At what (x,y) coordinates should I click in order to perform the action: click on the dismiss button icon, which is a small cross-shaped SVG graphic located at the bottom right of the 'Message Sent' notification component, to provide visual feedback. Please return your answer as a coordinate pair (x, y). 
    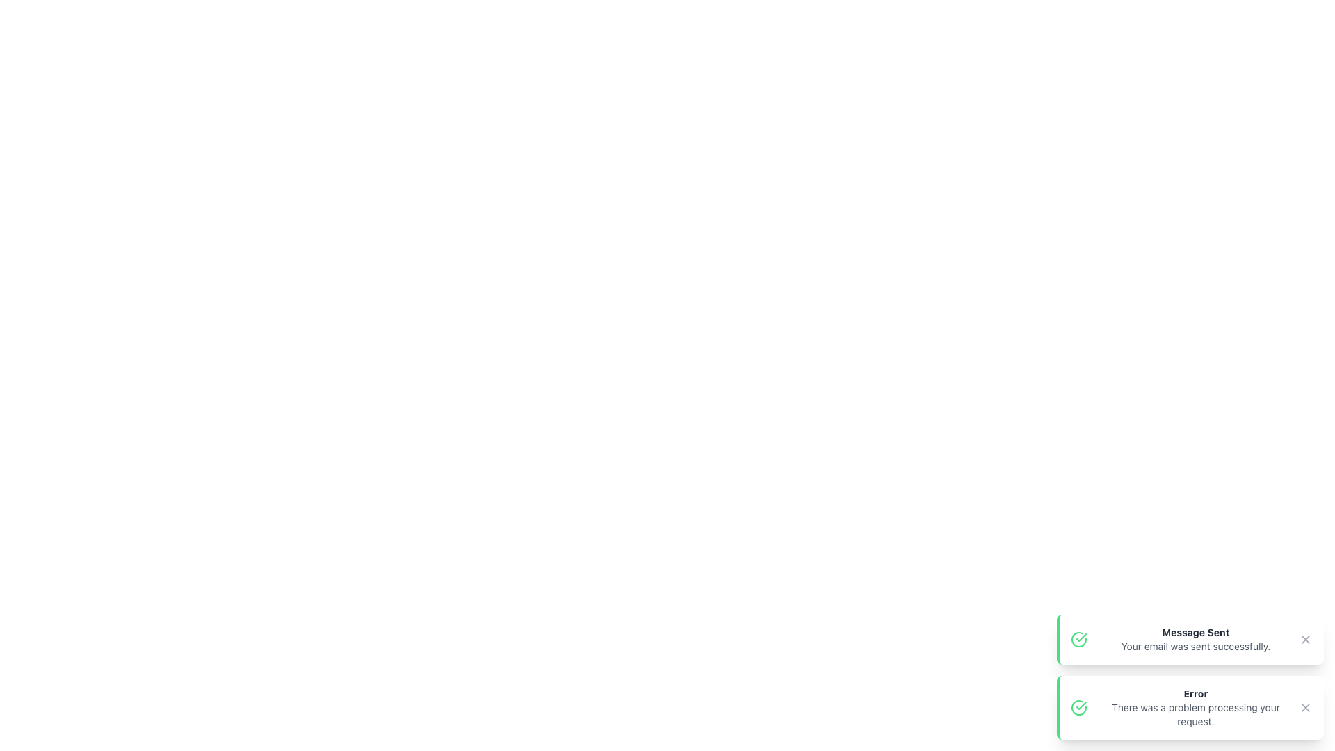
    Looking at the image, I should click on (1304, 640).